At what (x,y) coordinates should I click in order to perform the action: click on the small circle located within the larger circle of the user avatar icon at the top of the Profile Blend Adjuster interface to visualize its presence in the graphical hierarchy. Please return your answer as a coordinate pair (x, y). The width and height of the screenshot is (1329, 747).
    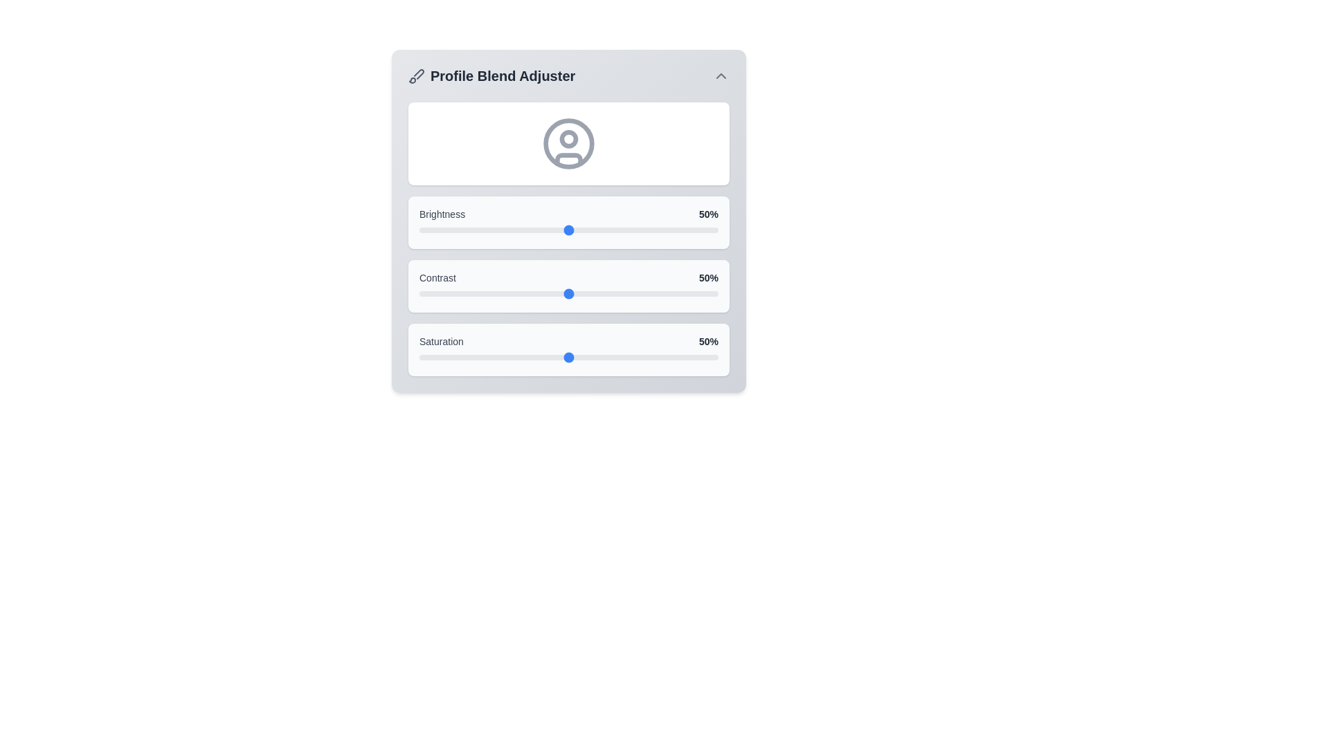
    Looking at the image, I should click on (568, 138).